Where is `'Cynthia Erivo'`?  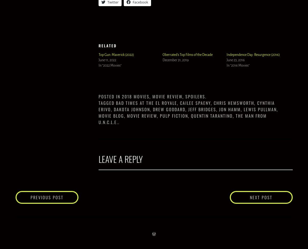 'Cynthia Erivo' is located at coordinates (99, 106).